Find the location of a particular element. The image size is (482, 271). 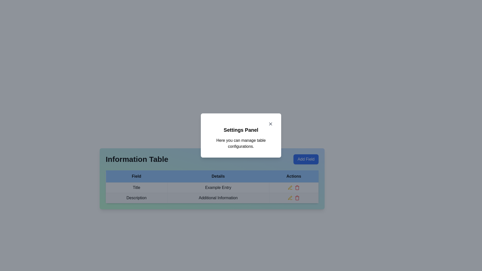

the second cell in the 'Details' column of the table is located at coordinates (218, 198).